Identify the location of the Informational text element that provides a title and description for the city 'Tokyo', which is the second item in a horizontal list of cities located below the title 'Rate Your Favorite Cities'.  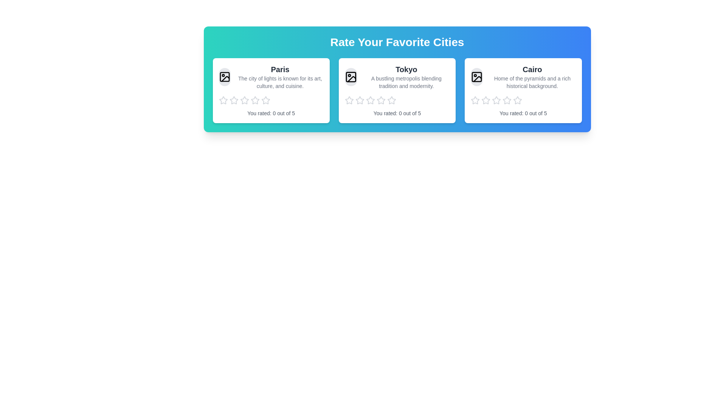
(406, 77).